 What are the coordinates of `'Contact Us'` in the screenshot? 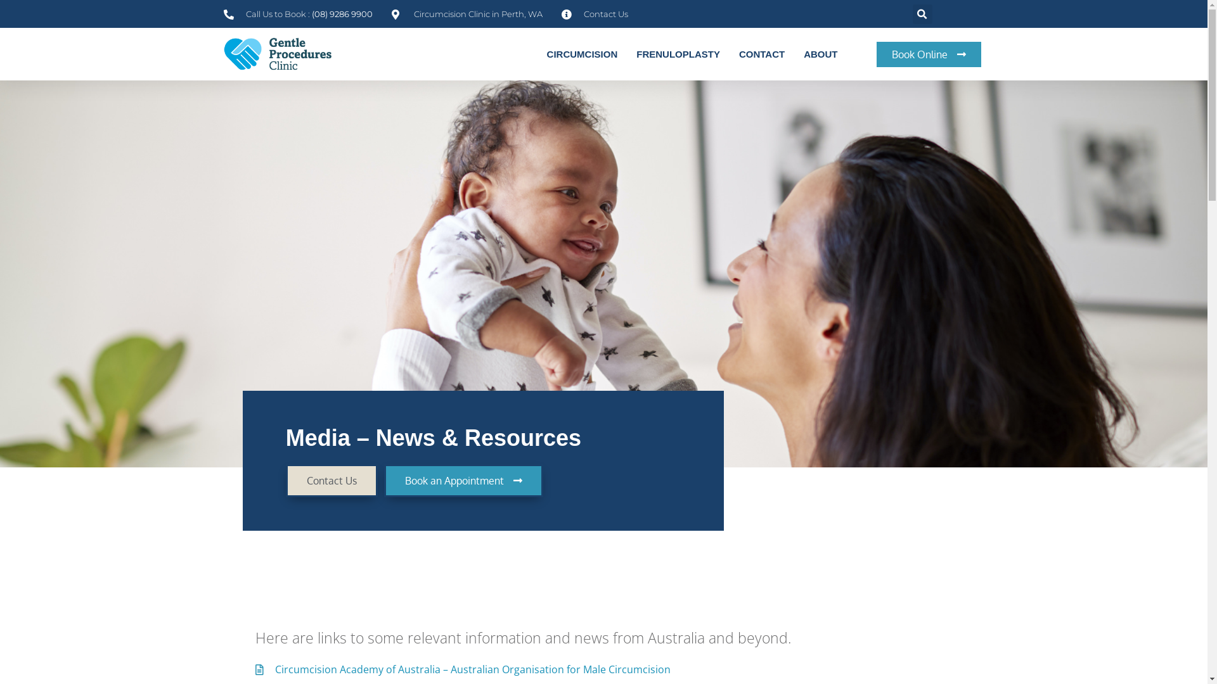 It's located at (332, 481).